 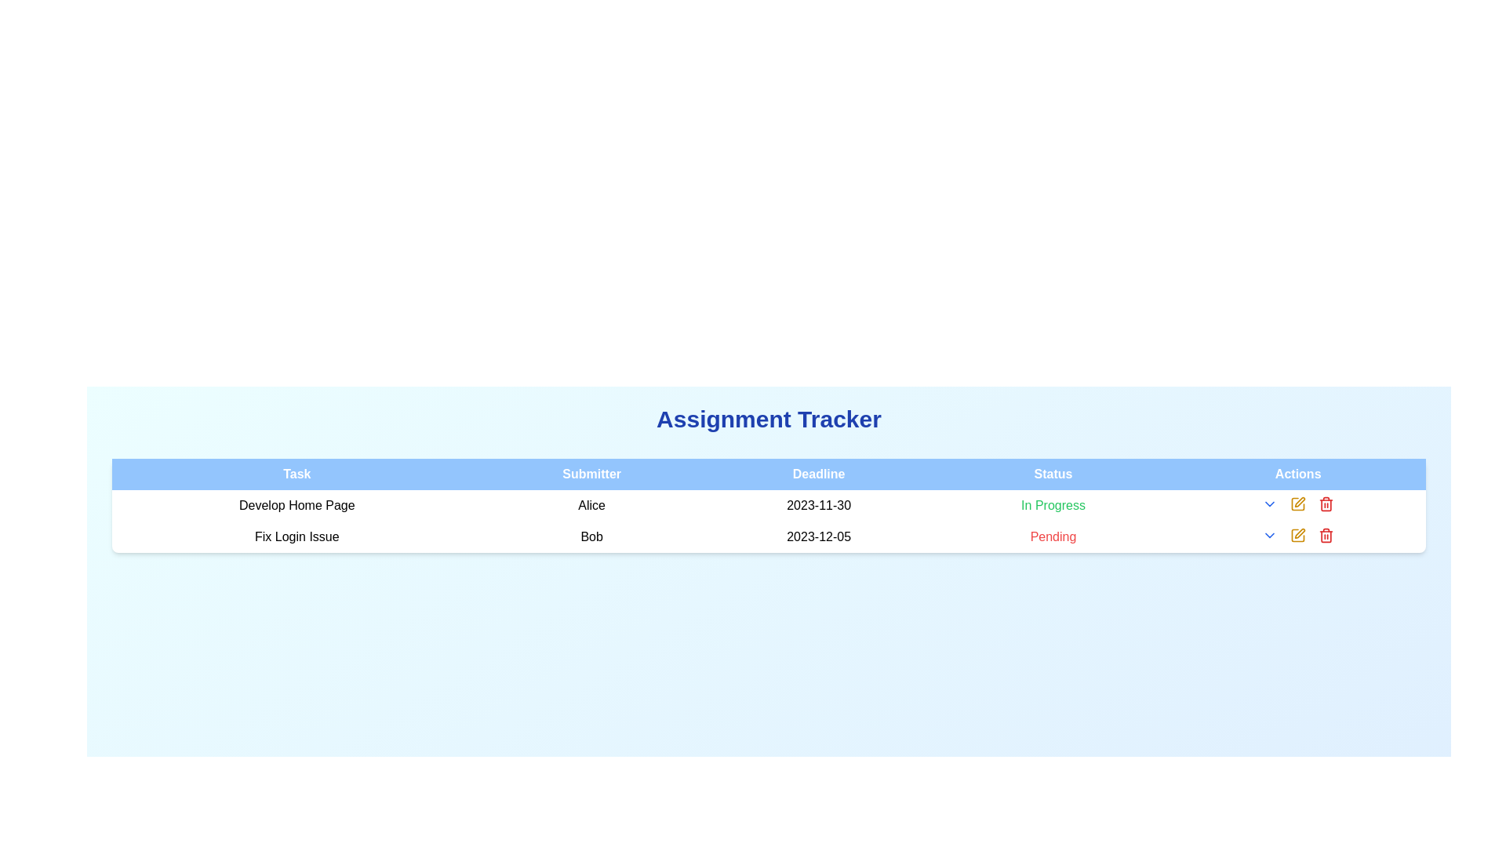 I want to click on the text label with the word 'Deadline' which is the third column header in a table row, positioned between 'Submitter' and 'Status', so click(x=818, y=474).